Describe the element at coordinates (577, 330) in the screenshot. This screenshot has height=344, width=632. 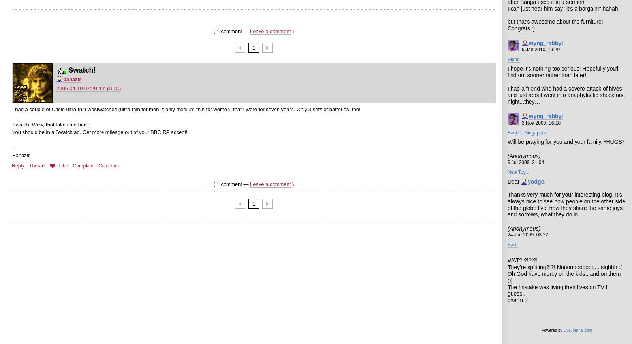
I see `'LiveJournal.com'` at that location.